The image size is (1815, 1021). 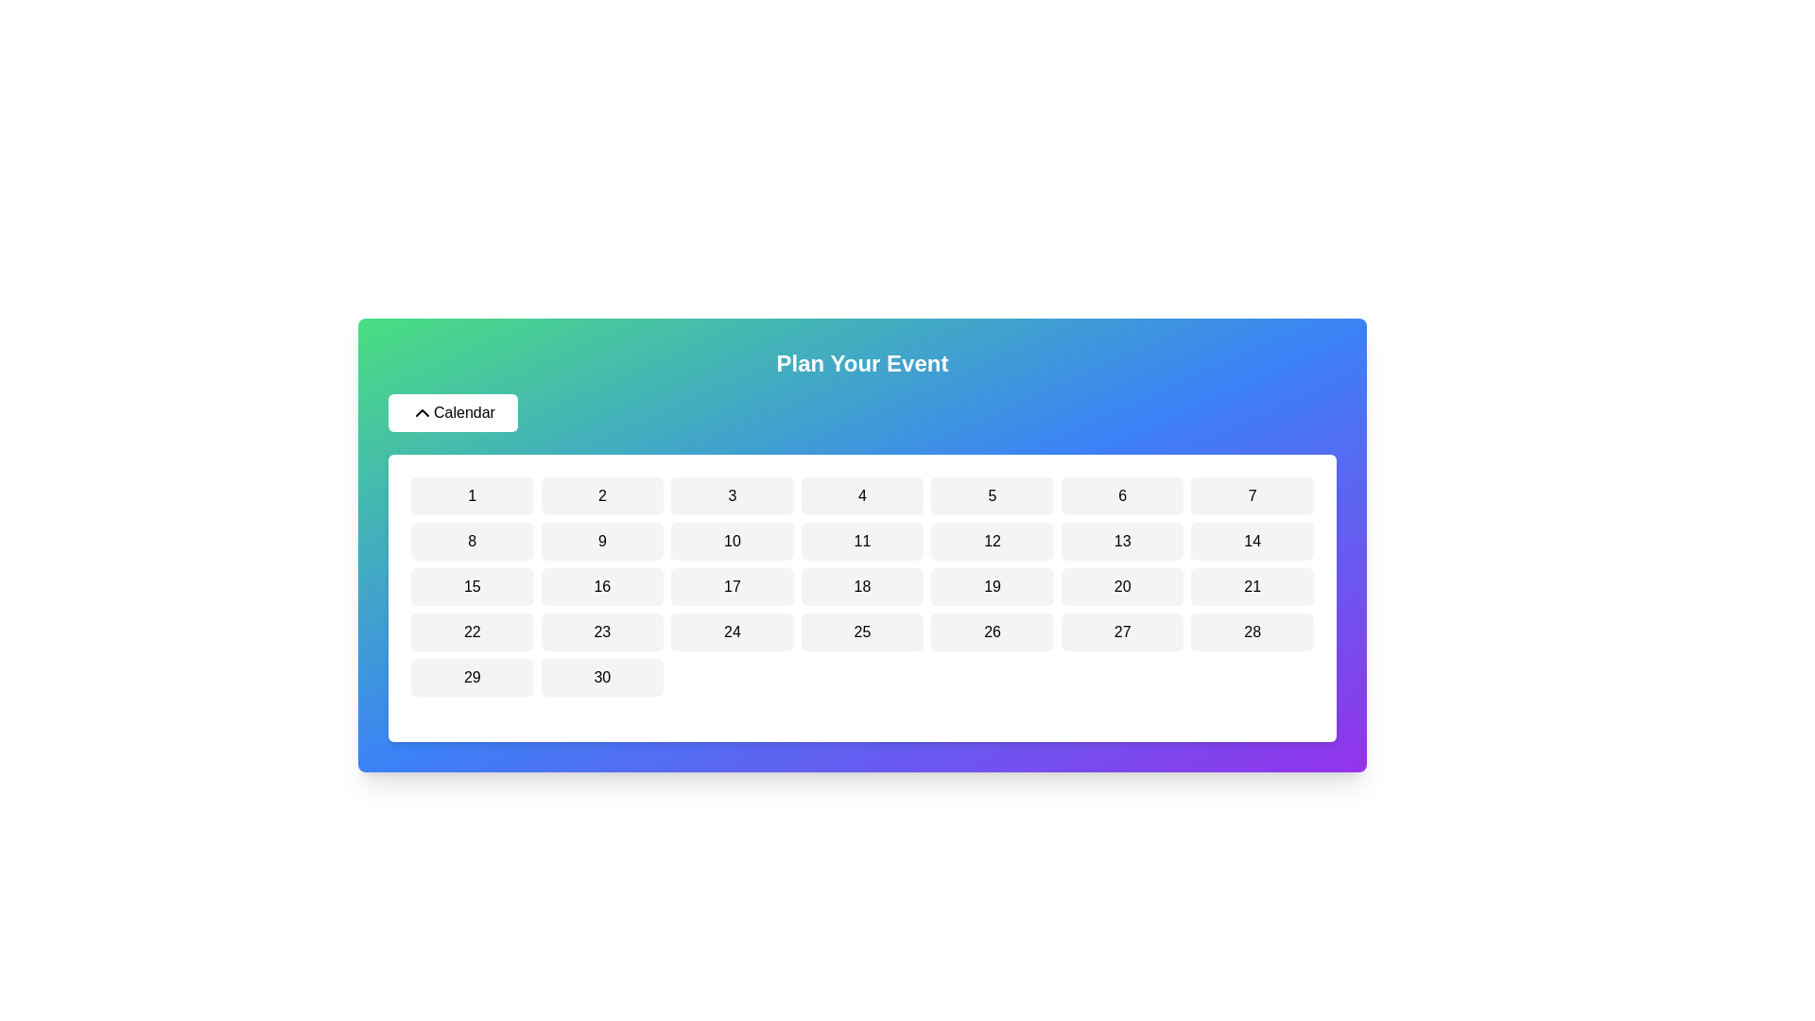 What do you see at coordinates (472, 542) in the screenshot?
I see `the rectangular button displaying the number '8' with a light gray background and rounded corners to change its style` at bounding box center [472, 542].